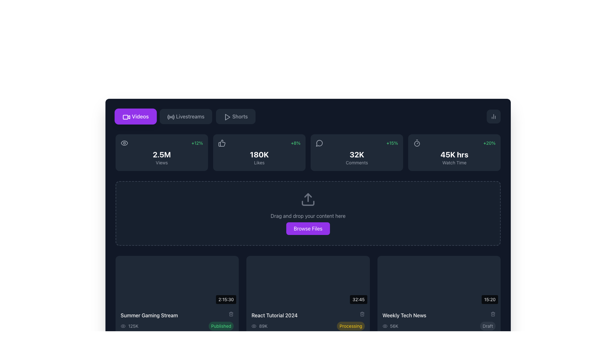  I want to click on the thumbs-up icon representing '180K Likes' in the top-right quadrant of the main content area, so click(222, 143).